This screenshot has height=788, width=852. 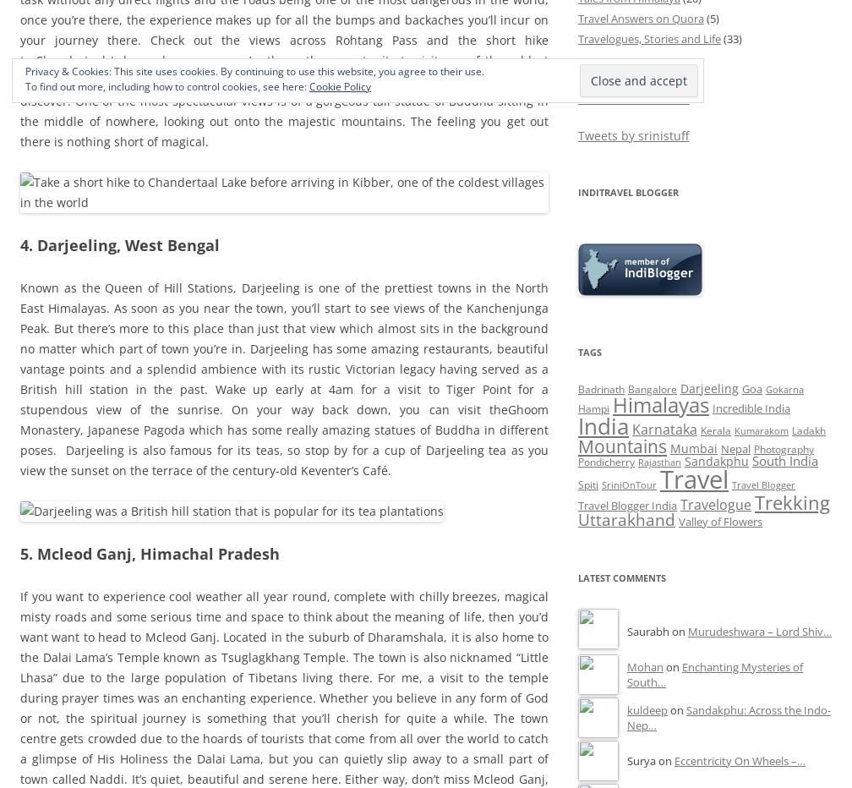 I want to click on 'kuldeep', so click(x=647, y=708).